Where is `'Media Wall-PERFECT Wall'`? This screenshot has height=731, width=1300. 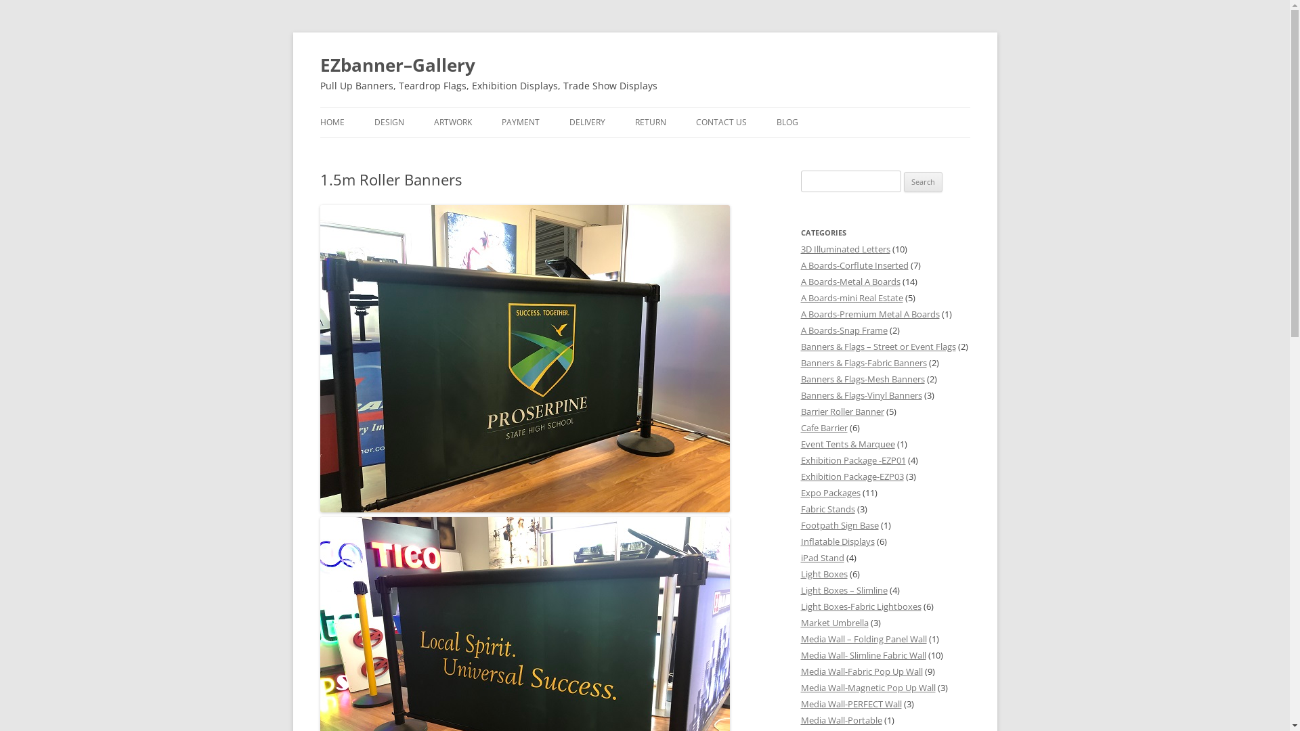 'Media Wall-PERFECT Wall' is located at coordinates (850, 703).